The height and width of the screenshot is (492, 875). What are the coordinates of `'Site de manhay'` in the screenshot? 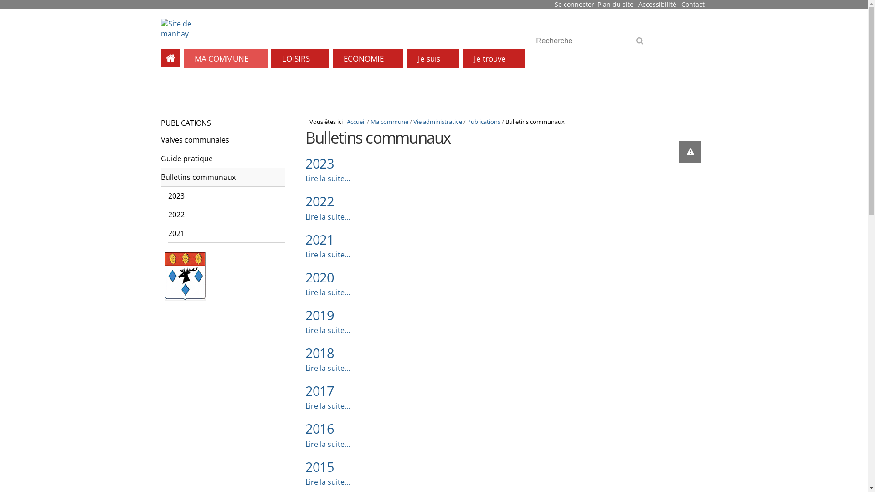 It's located at (160, 28).